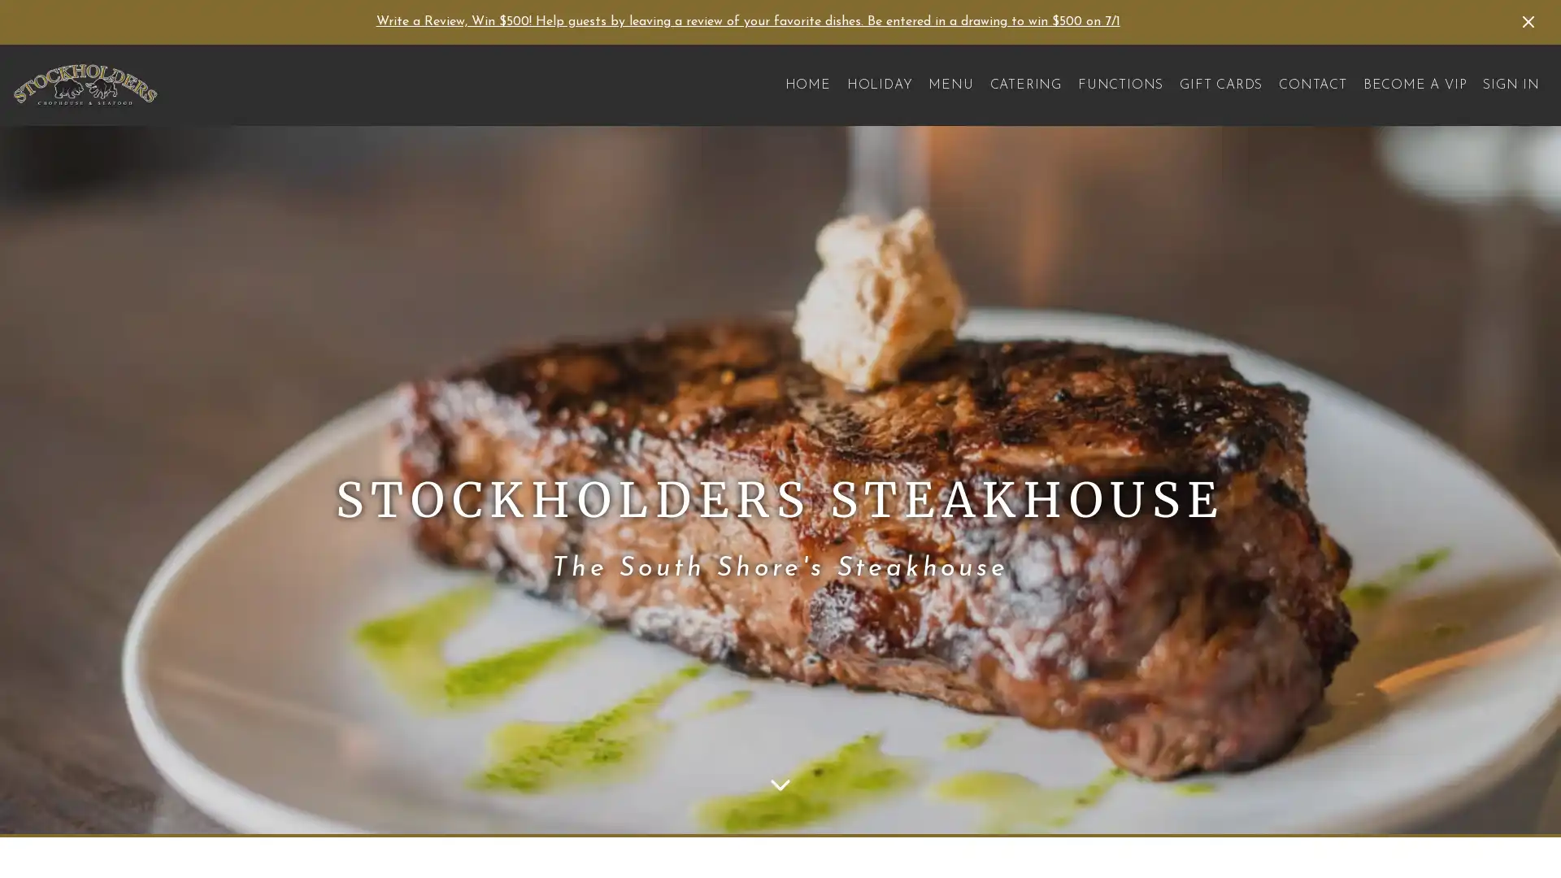 The height and width of the screenshot is (878, 1561). Describe the element at coordinates (1413, 85) in the screenshot. I see `BECOME A VIP` at that location.